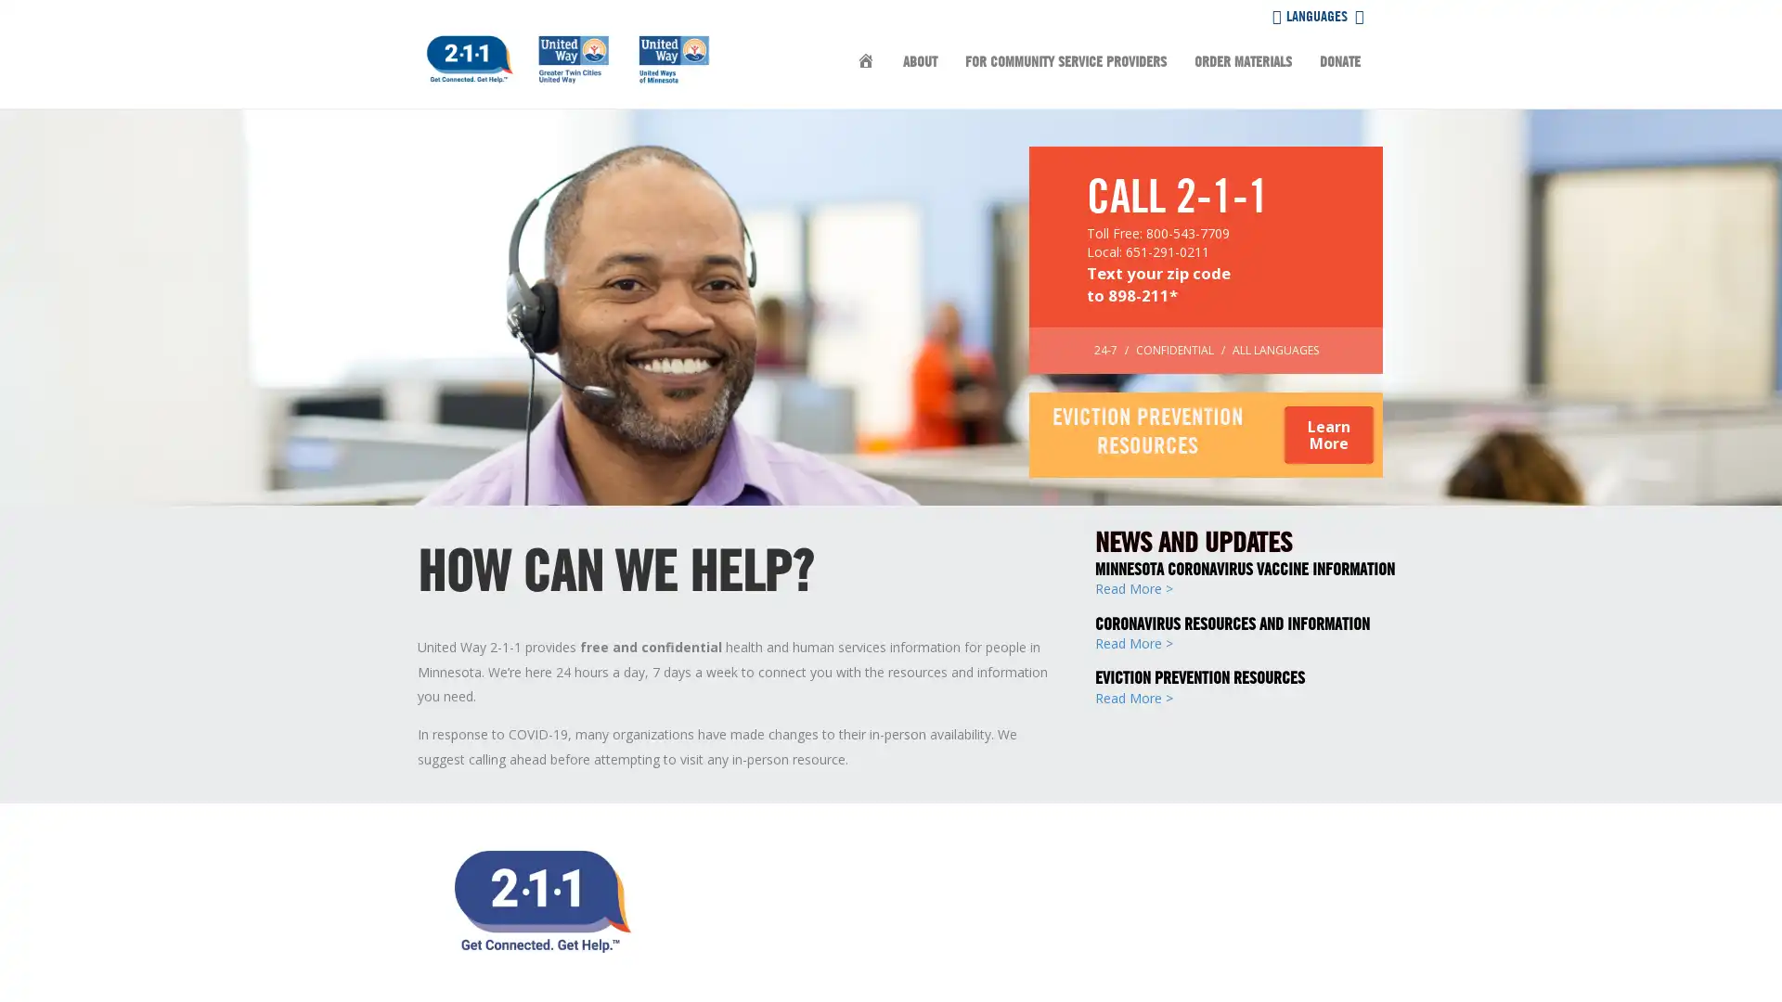 This screenshot has width=1782, height=1002. What do you see at coordinates (1326, 435) in the screenshot?
I see `Learn More` at bounding box center [1326, 435].